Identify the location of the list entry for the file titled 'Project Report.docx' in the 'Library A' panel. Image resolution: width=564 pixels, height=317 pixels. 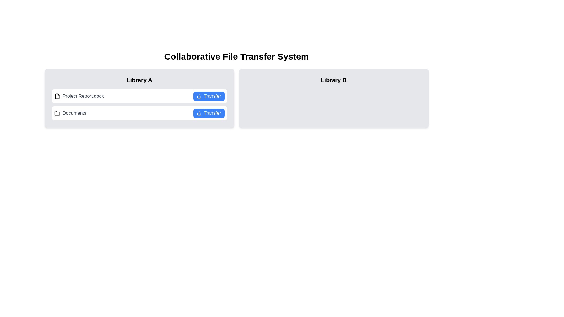
(139, 98).